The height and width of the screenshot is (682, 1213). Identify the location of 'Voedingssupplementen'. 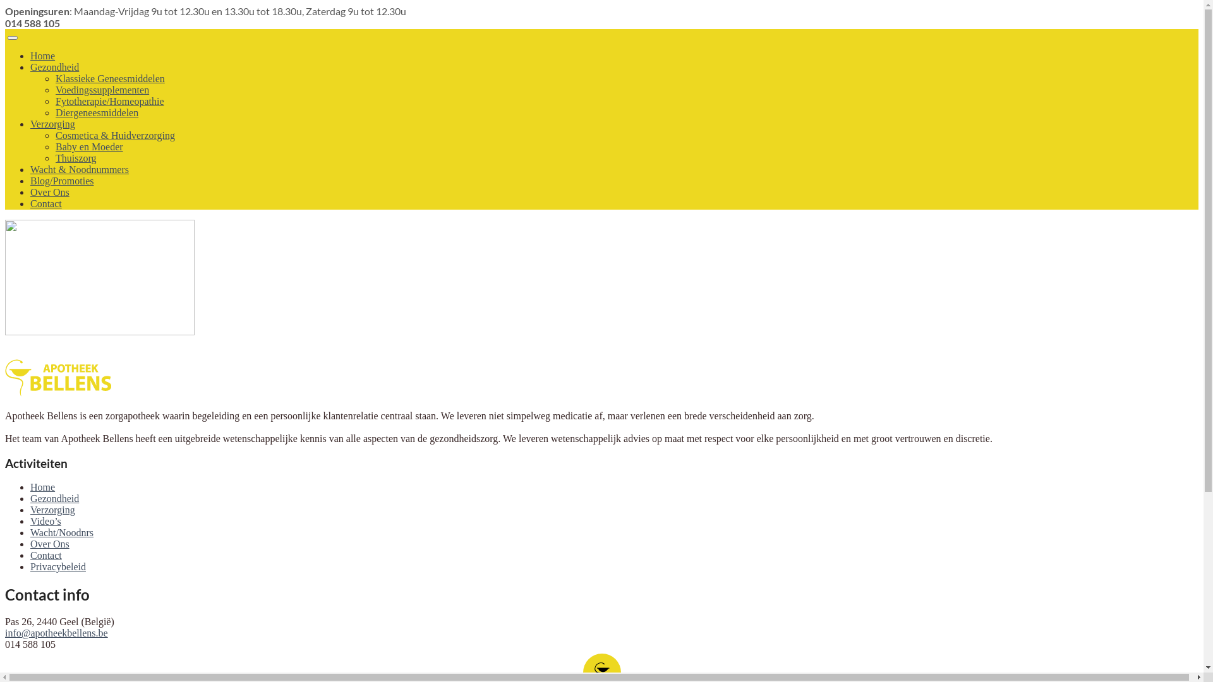
(102, 89).